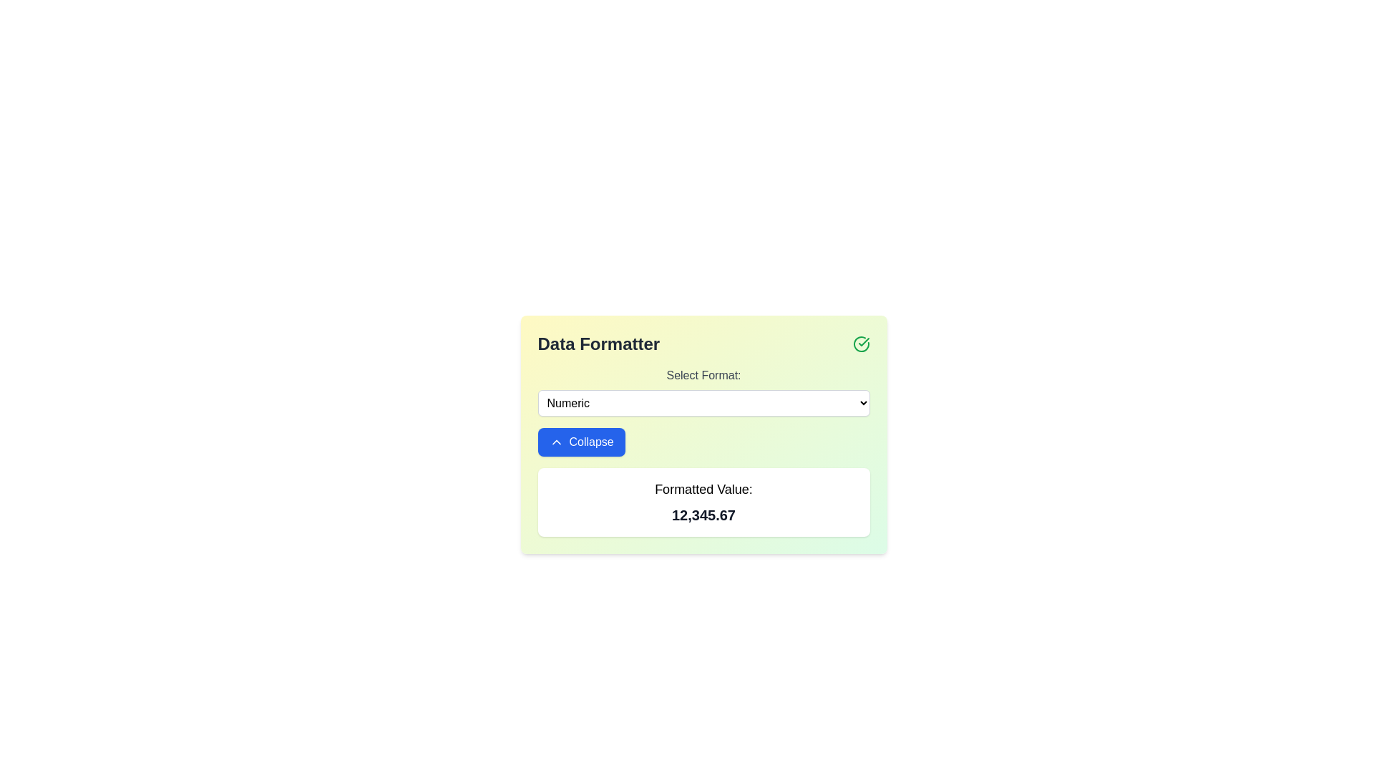 The height and width of the screenshot is (773, 1374). What do you see at coordinates (703, 502) in the screenshot?
I see `displayed number '12,345.67' from the Text display panel located below the 'Collapse' button in the 'Data Formatter' card` at bounding box center [703, 502].